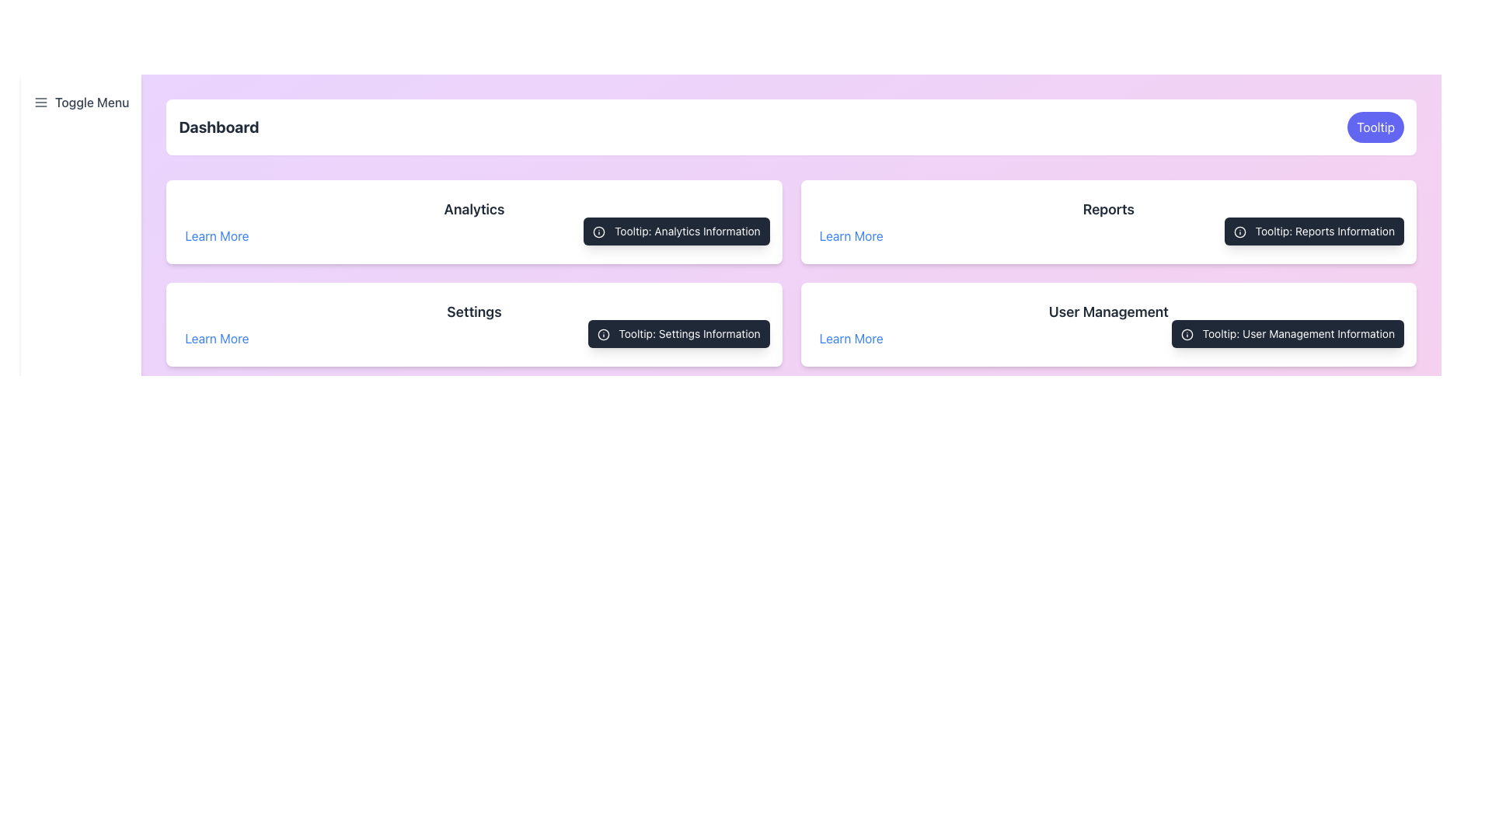 This screenshot has width=1492, height=839. What do you see at coordinates (1107, 312) in the screenshot?
I see `the 'User Management' text component, which displays the phrase in bold and larger font size, styled in dark gray, located in the lower right section of the interface above the 'Learn More' link` at bounding box center [1107, 312].